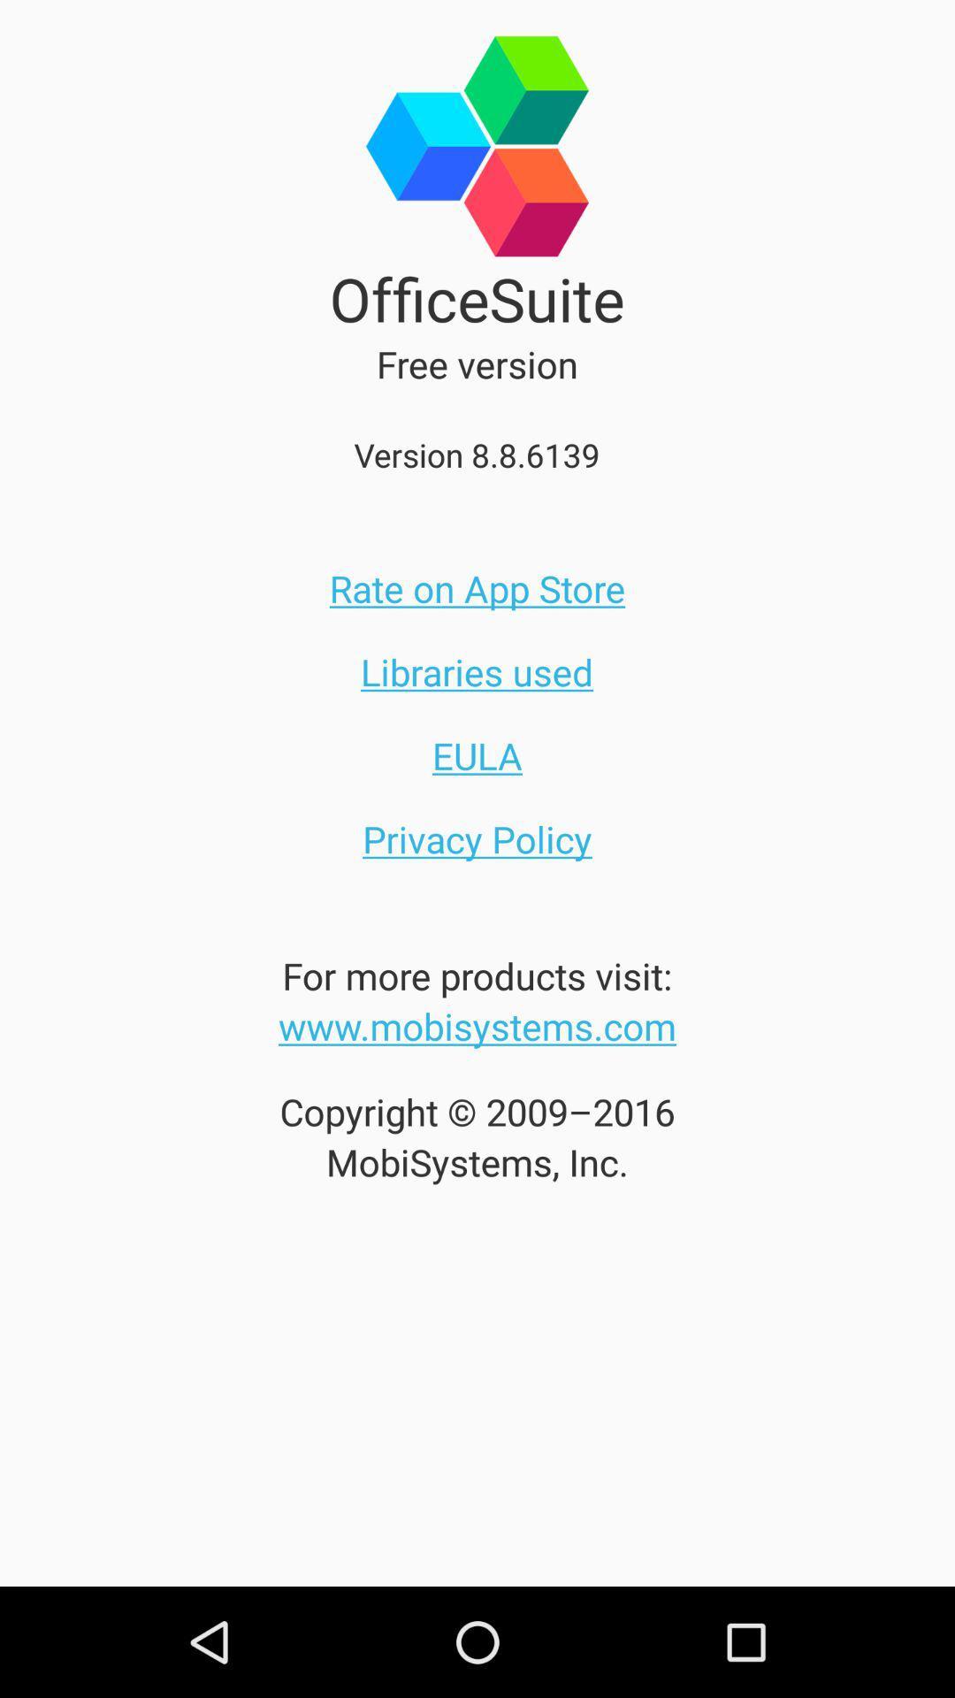  I want to click on the item above libraries used, so click(477, 588).